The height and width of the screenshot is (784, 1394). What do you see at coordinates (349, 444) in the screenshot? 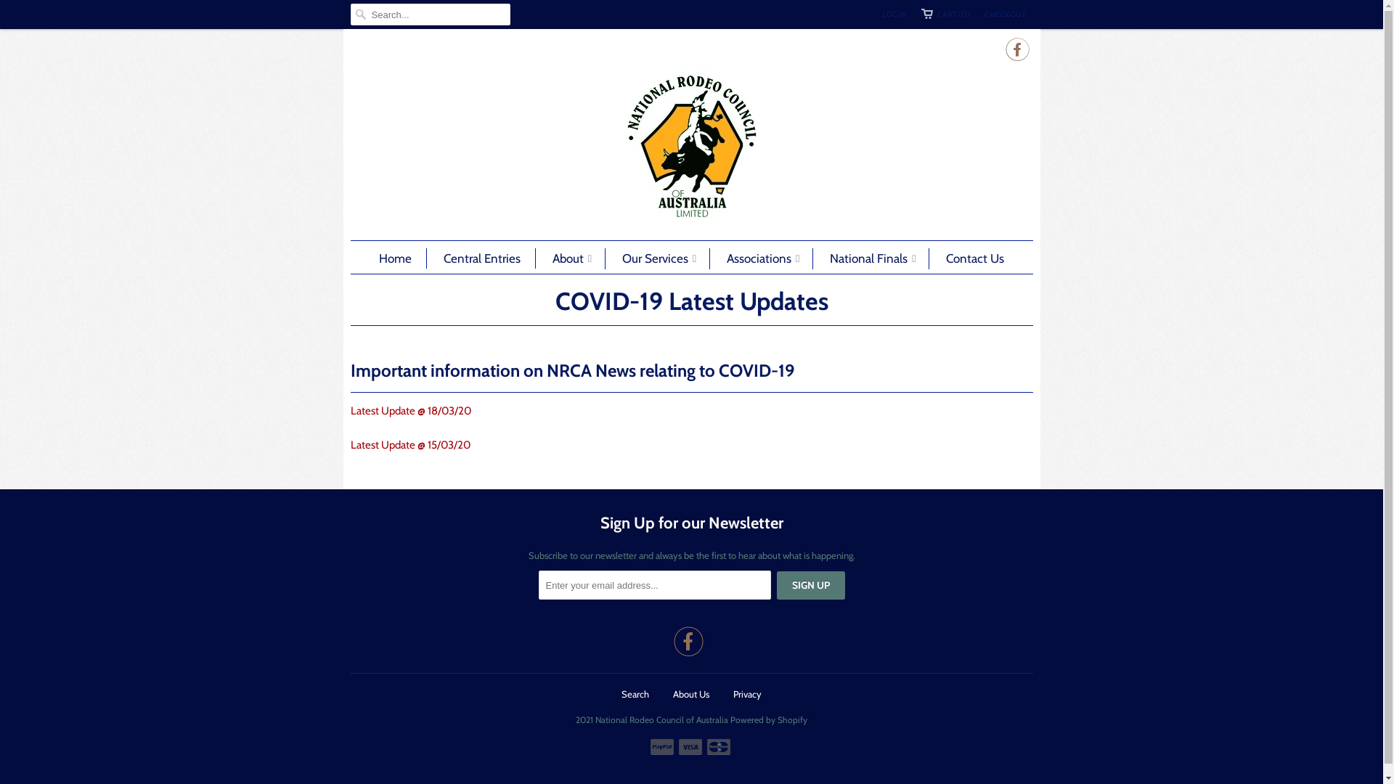
I see `'Latest Update @ 15/03/20'` at bounding box center [349, 444].